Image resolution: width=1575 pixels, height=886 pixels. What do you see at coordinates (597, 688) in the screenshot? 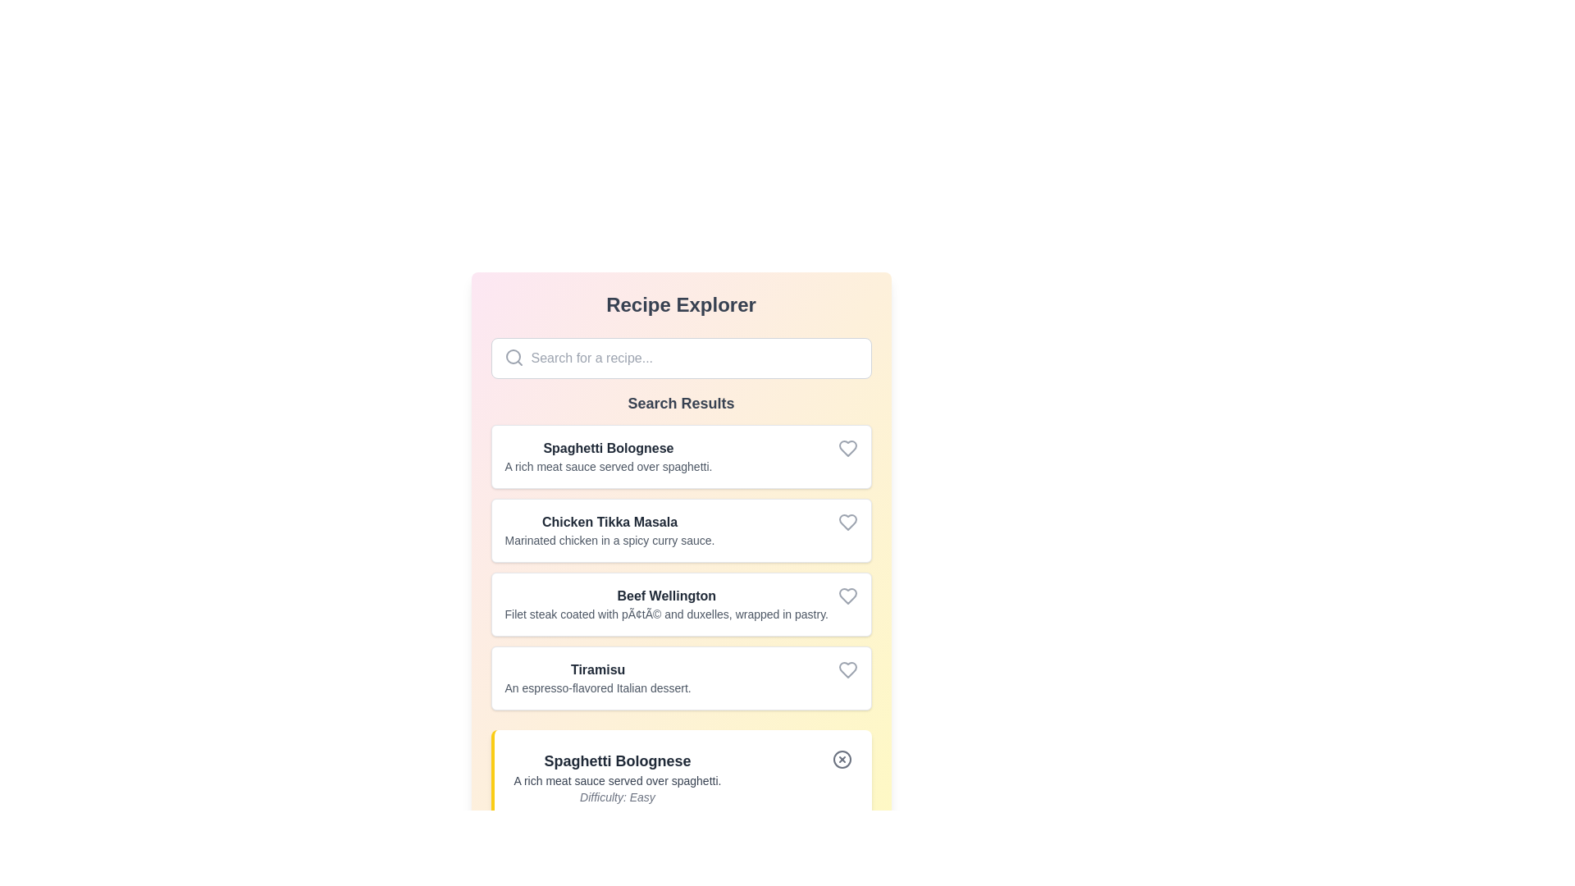
I see `descriptive text label for the 'Tiramisu' item, located directly below the title within the same rectangular block` at bounding box center [597, 688].